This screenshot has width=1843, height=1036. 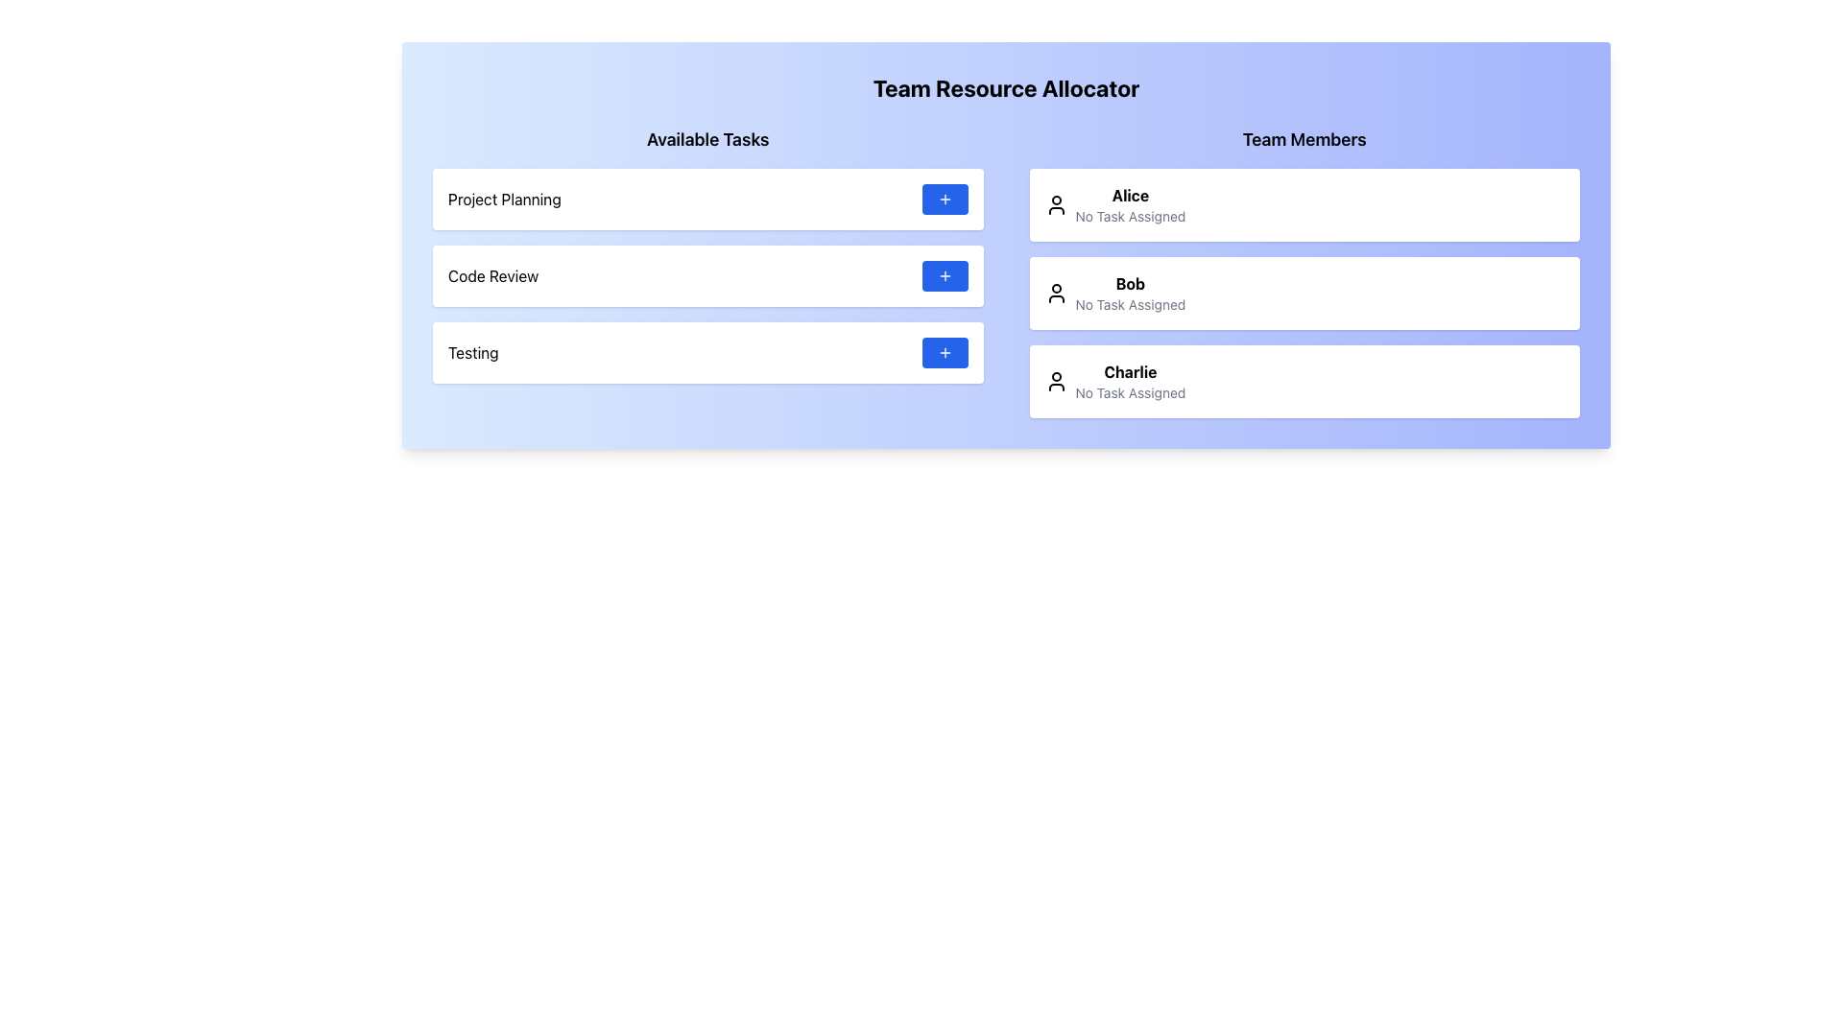 I want to click on the Label displaying 'Alice' in the team roster, which indicates their assignment status as 'No Task Assigned'. This element is located in the topmost block under the 'Team Members' column, to the right side of the interface, so click(x=1130, y=204).